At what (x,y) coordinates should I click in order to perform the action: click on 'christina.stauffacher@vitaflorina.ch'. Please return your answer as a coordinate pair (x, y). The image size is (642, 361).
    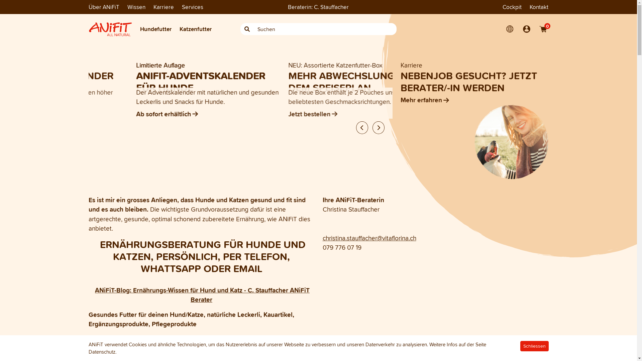
    Looking at the image, I should click on (369, 238).